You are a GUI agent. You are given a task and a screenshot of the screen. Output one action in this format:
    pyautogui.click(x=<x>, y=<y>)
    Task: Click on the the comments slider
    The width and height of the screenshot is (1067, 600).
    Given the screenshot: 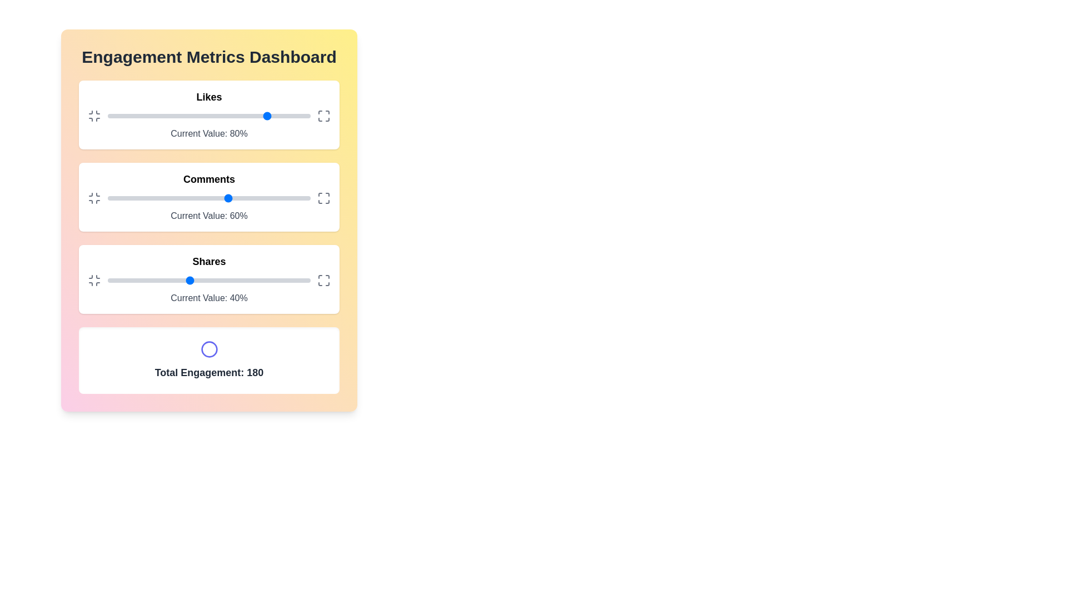 What is the action you would take?
    pyautogui.click(x=119, y=198)
    